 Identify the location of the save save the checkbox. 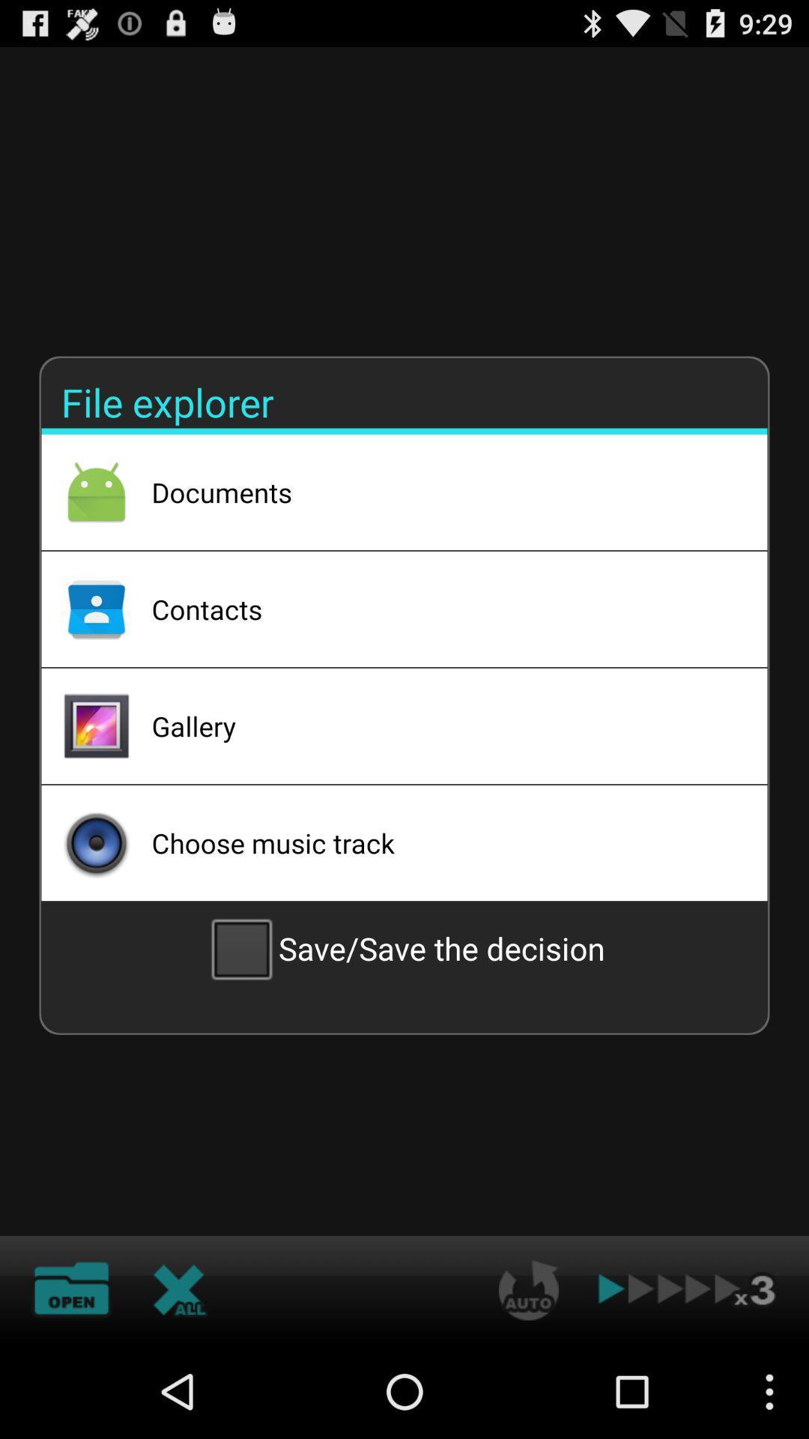
(404, 947).